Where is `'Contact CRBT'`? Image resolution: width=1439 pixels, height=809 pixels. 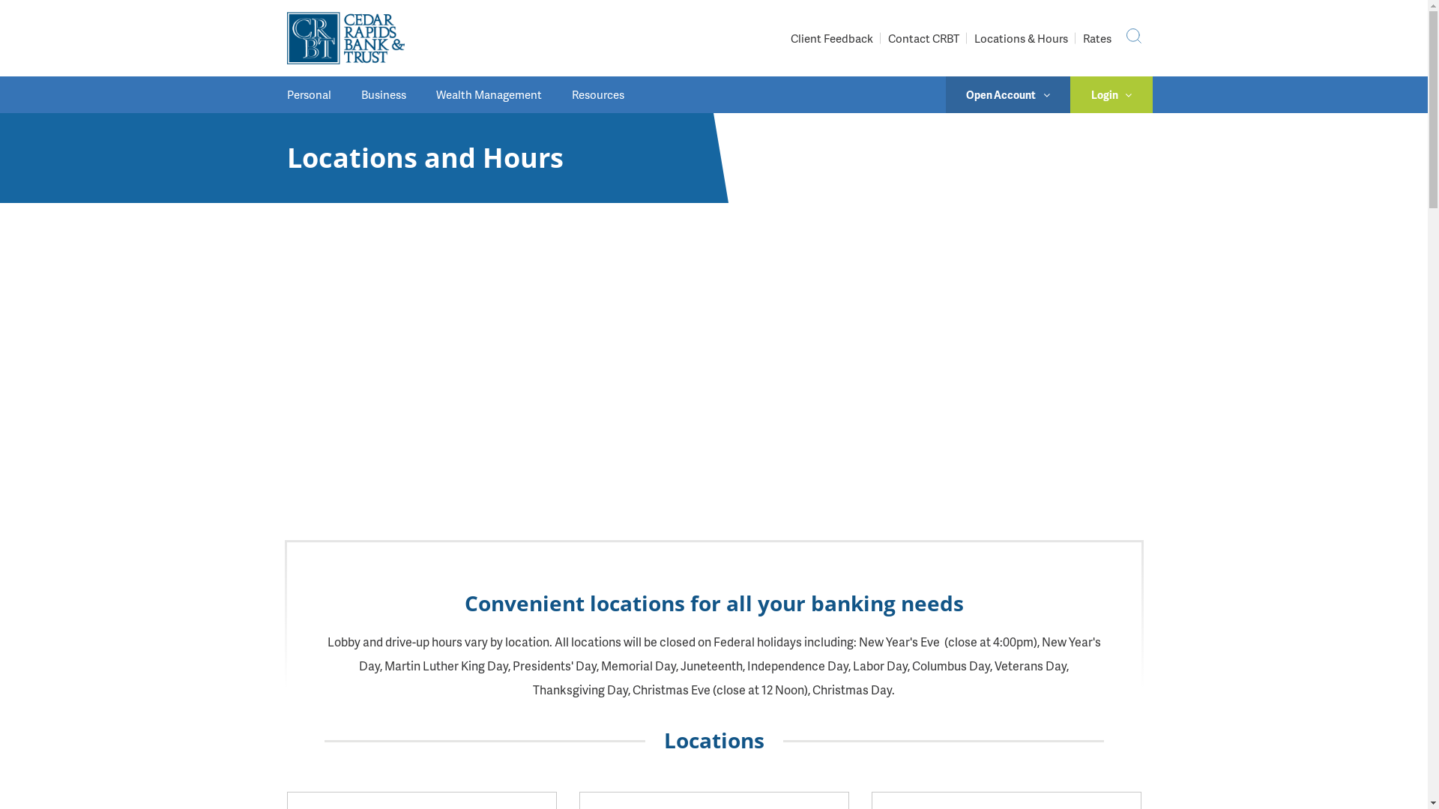
'Contact CRBT' is located at coordinates (922, 37).